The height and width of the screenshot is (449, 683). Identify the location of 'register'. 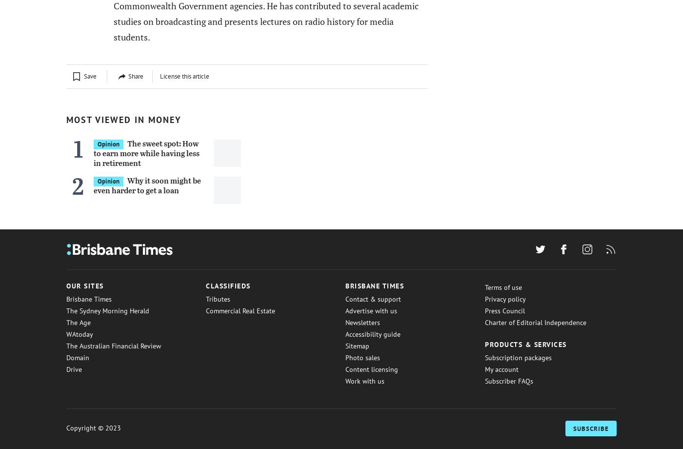
(98, 40).